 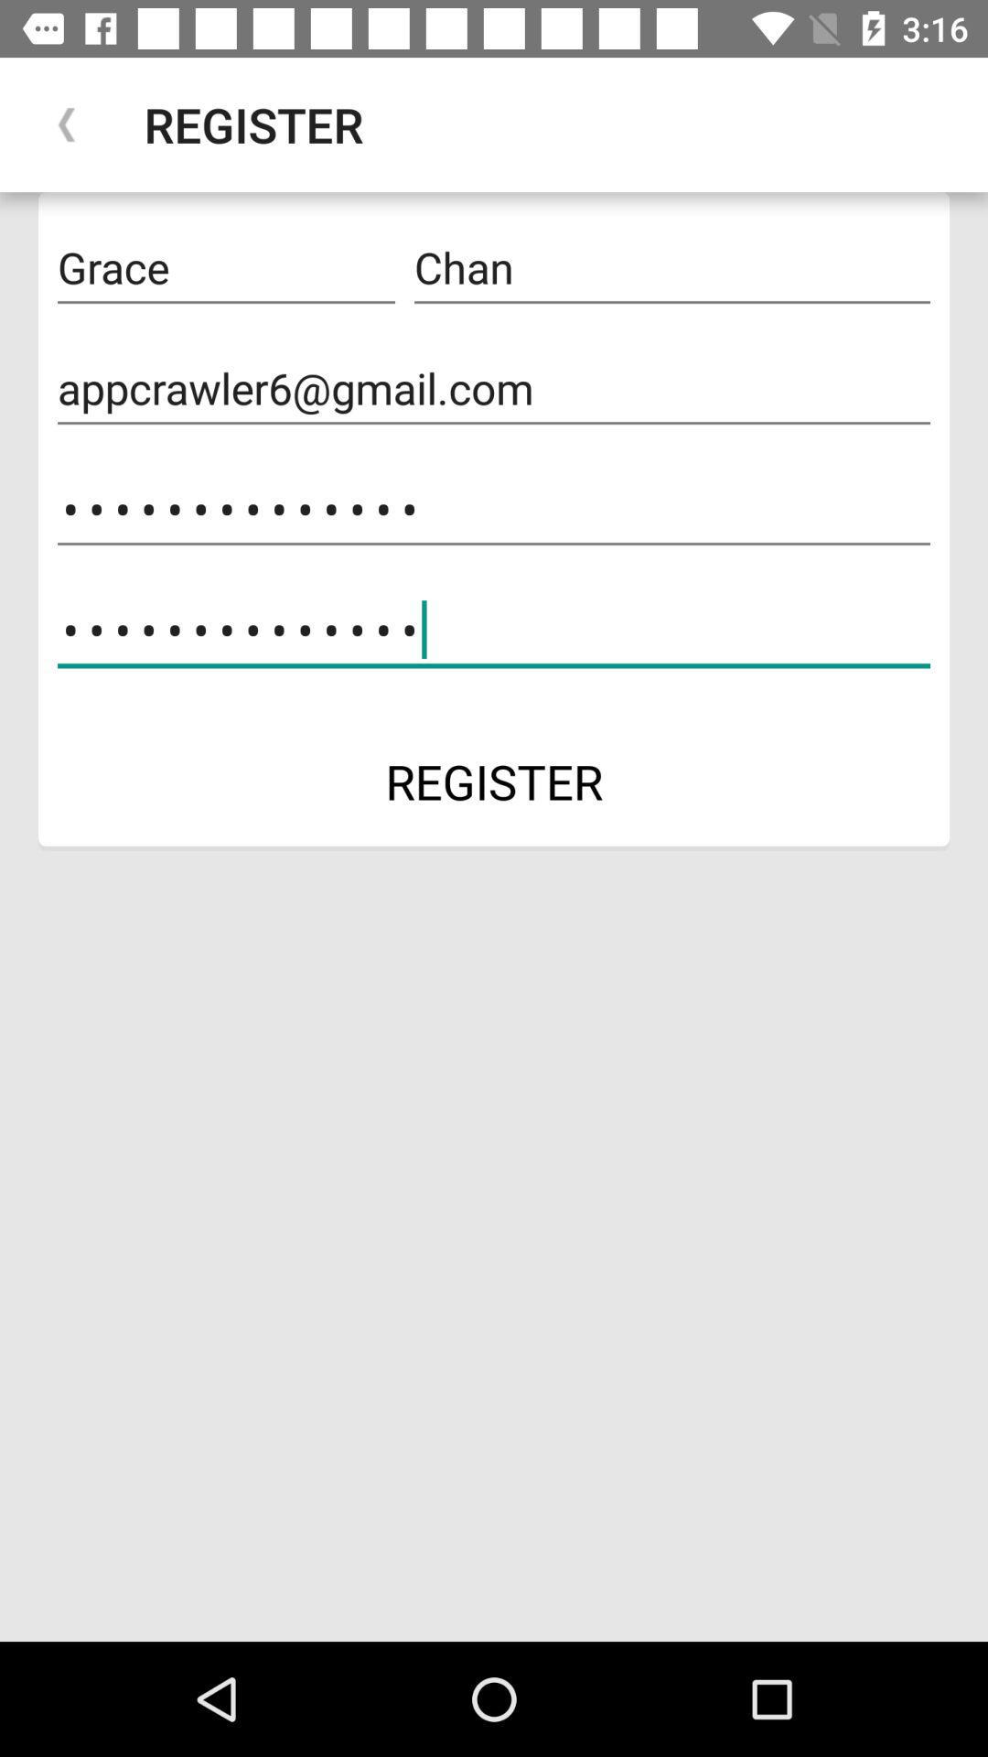 I want to click on the icon above appcrawler6@gmail.com item, so click(x=672, y=267).